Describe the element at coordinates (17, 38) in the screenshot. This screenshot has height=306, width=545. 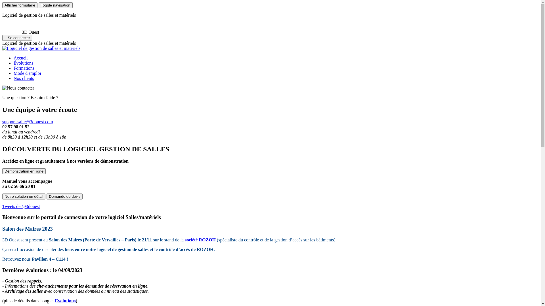
I see `'   Se connecter'` at that location.